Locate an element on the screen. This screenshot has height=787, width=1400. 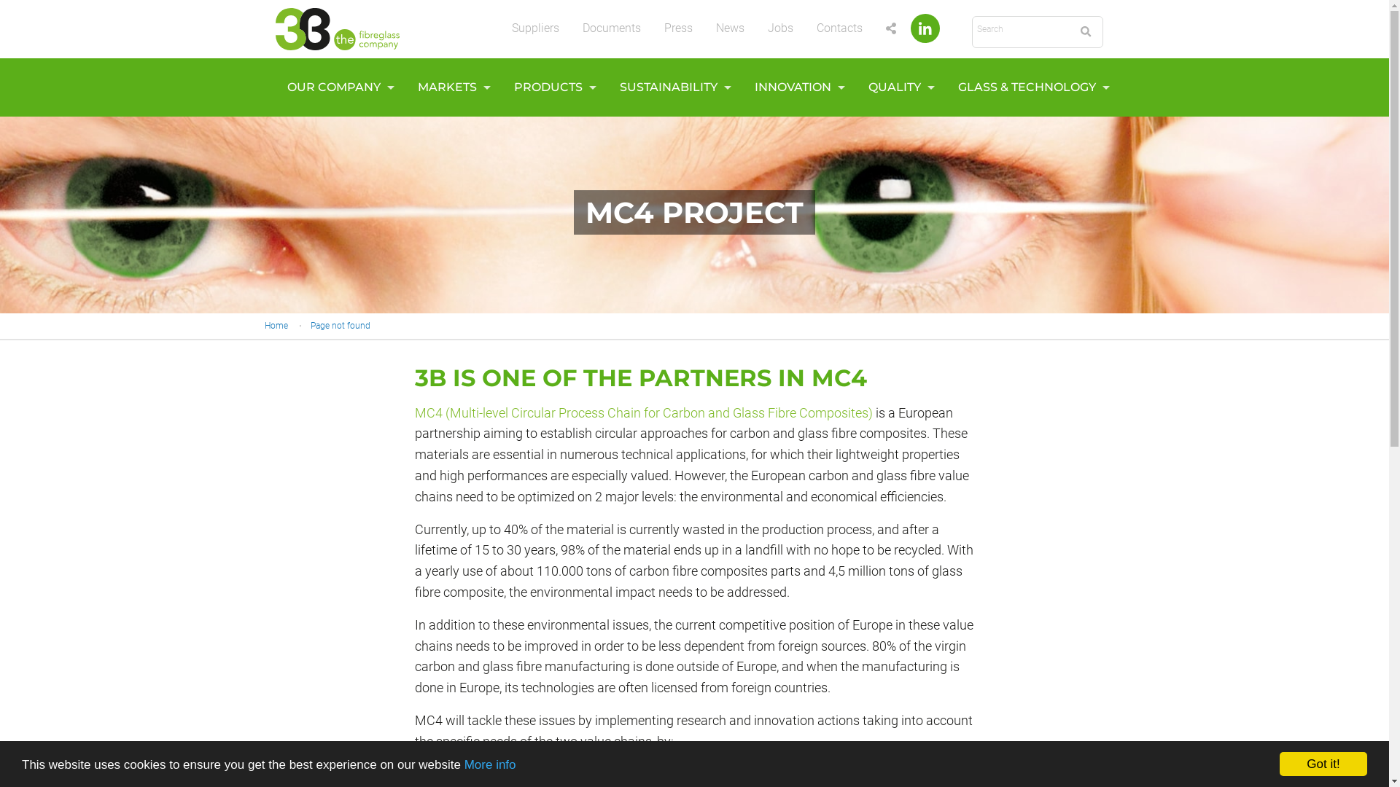
'More info' is located at coordinates (490, 764).